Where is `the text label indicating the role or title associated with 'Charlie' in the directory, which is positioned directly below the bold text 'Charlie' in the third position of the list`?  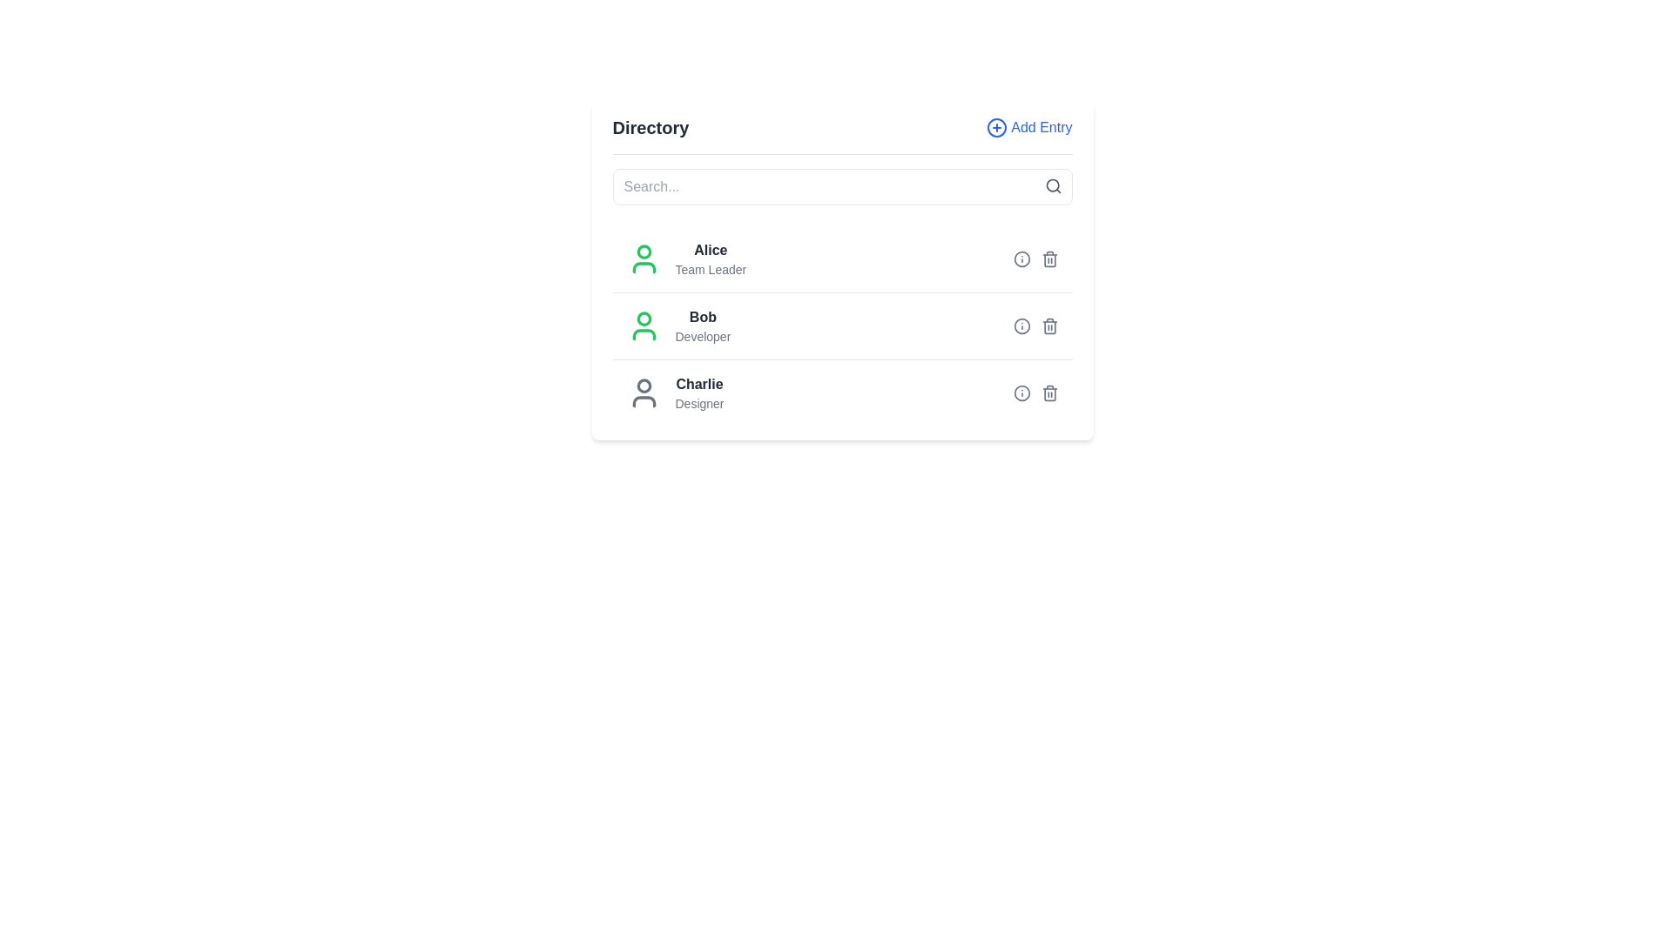
the text label indicating the role or title associated with 'Charlie' in the directory, which is positioned directly below the bold text 'Charlie' in the third position of the list is located at coordinates (699, 403).